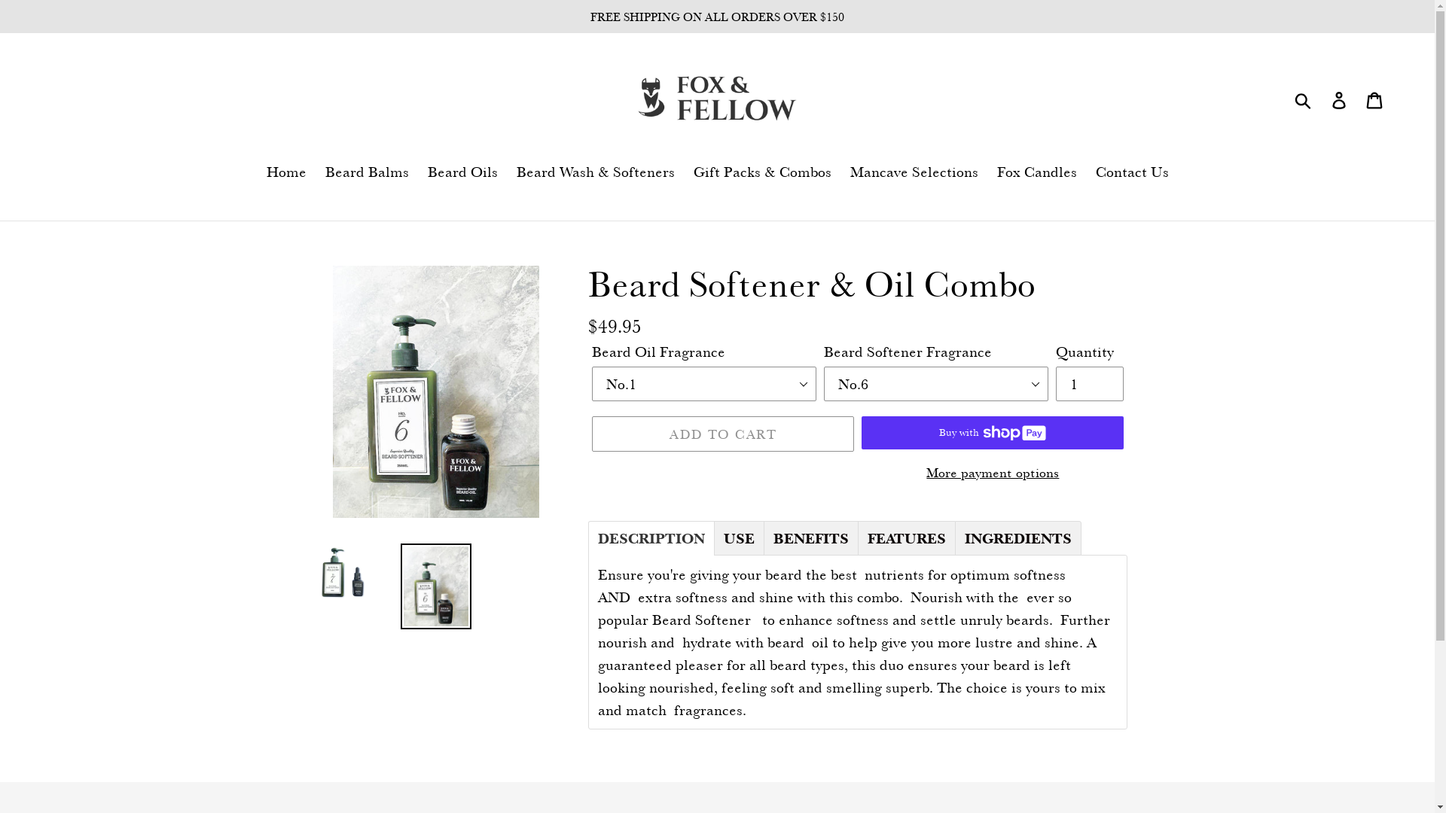 This screenshot has height=813, width=1446. What do you see at coordinates (1322, 98) in the screenshot?
I see `'Log in'` at bounding box center [1322, 98].